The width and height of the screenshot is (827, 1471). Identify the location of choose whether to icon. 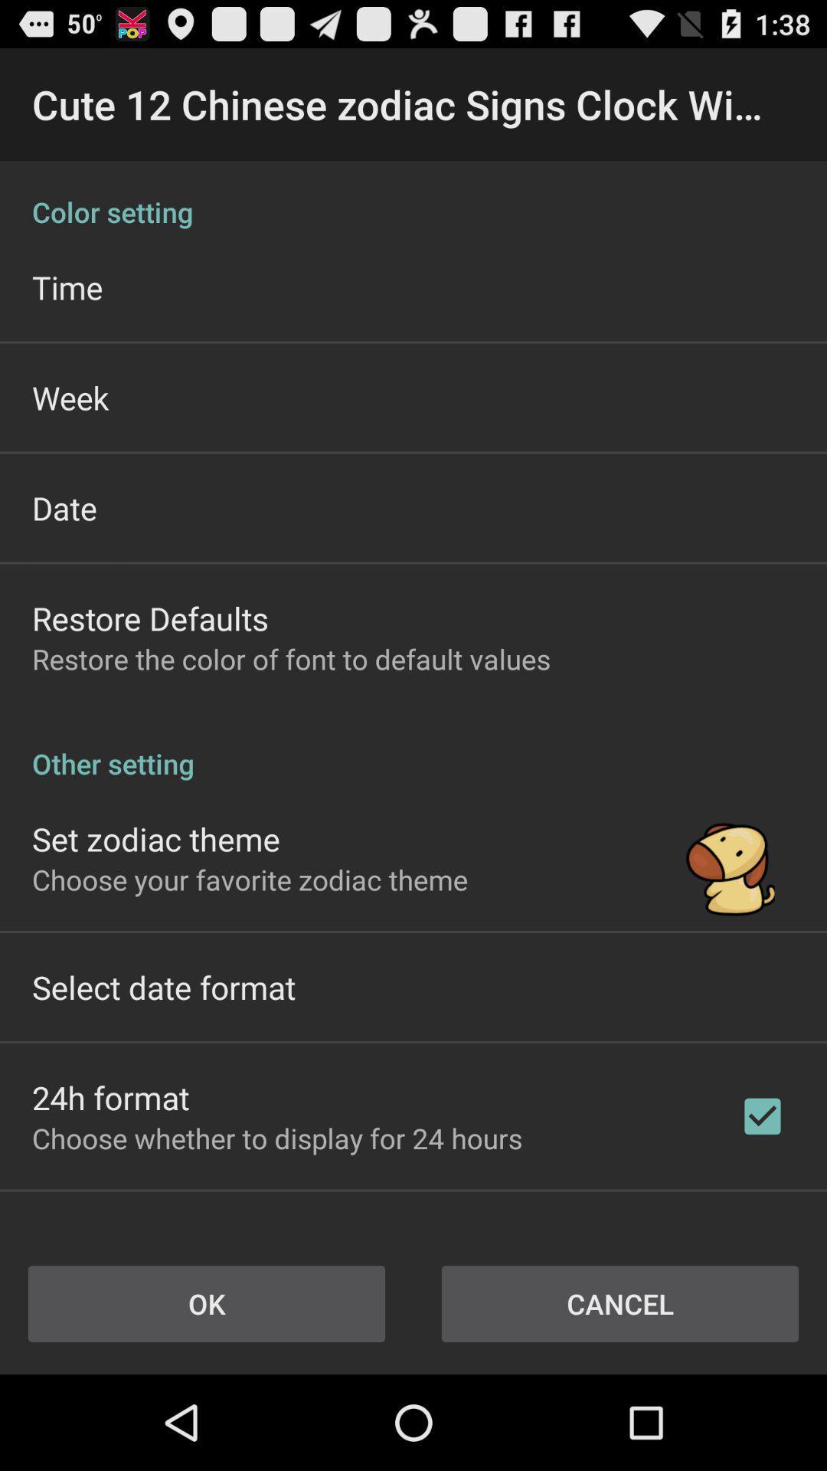
(277, 1138).